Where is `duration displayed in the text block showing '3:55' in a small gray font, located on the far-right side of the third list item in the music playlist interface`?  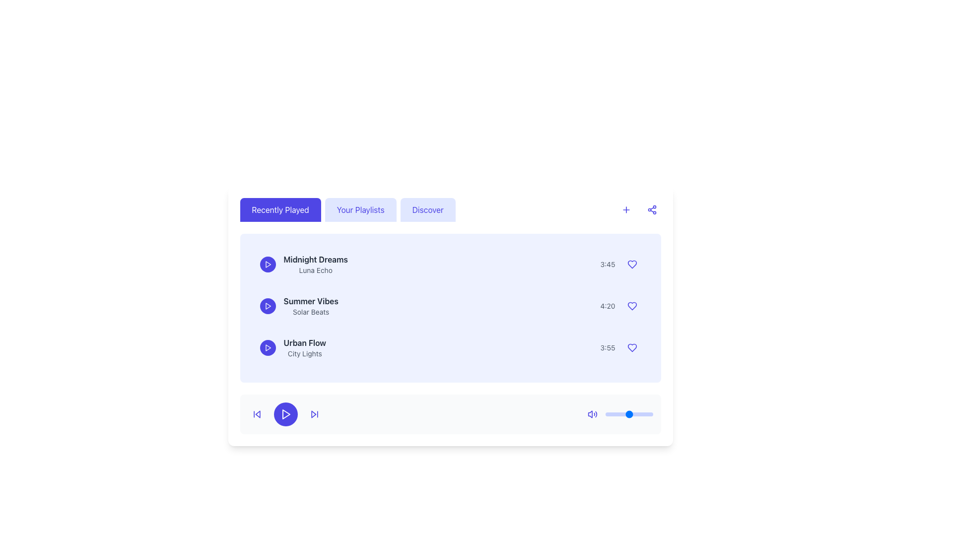
duration displayed in the text block showing '3:55' in a small gray font, located on the far-right side of the third list item in the music playlist interface is located at coordinates (607, 347).